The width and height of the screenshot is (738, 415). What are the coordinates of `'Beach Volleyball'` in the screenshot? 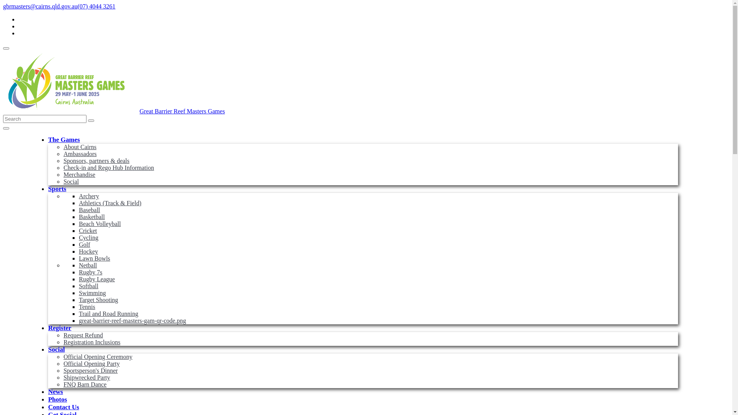 It's located at (99, 224).